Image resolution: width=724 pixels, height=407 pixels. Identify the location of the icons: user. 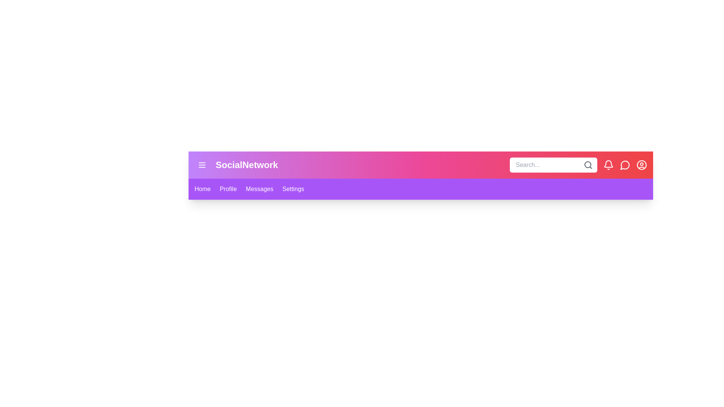
(641, 165).